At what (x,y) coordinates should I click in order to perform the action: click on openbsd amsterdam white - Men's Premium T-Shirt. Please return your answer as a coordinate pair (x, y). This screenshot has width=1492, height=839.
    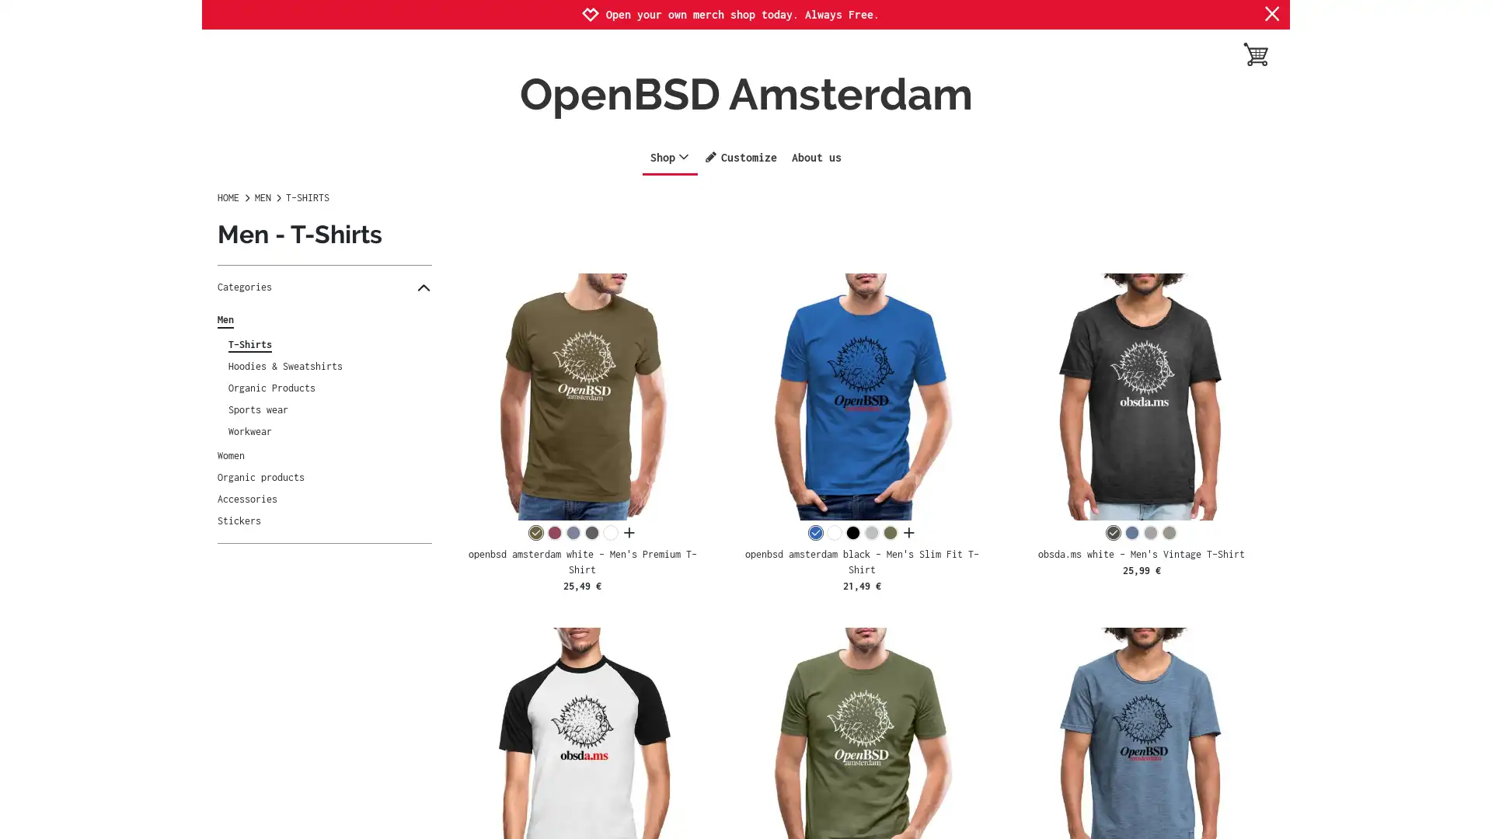
    Looking at the image, I should click on (581, 395).